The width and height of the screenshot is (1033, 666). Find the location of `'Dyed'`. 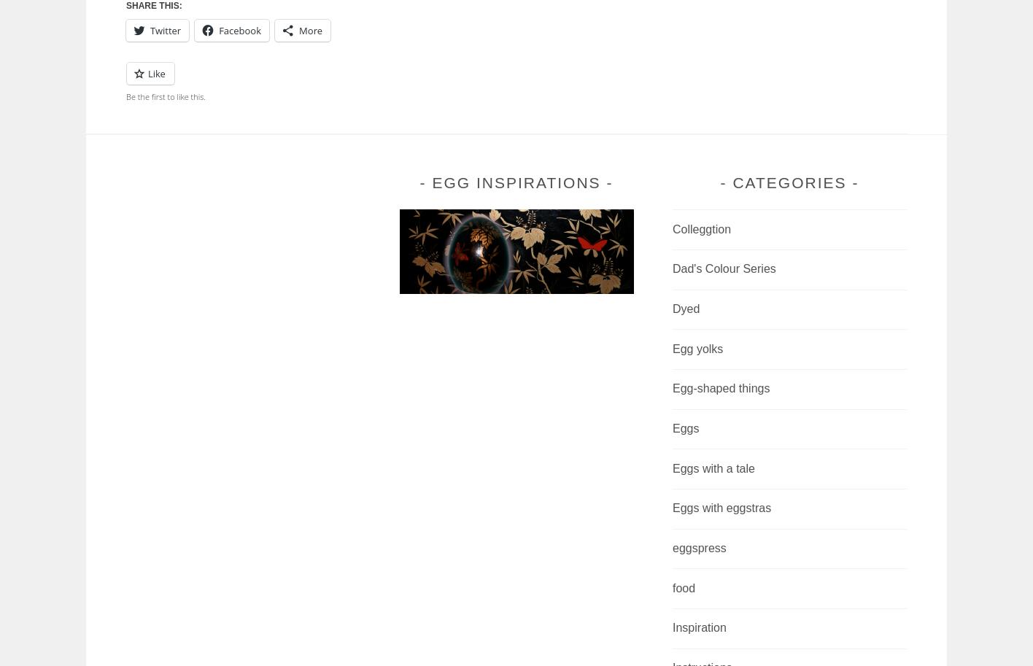

'Dyed' is located at coordinates (671, 309).